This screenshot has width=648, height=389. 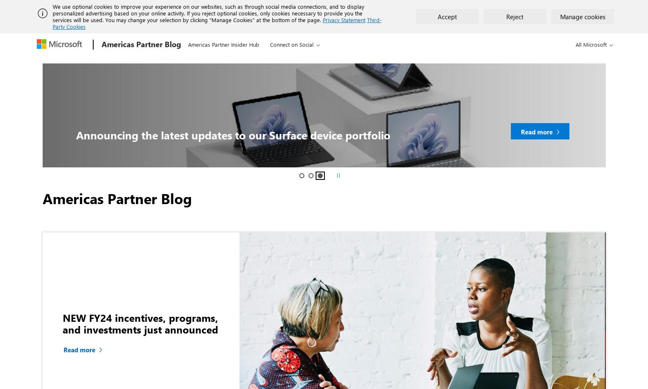 I want to click on 'Microsoft’s end of support (EOS) for Windows Server 2012 and SQL Server 2012 necessitates measures to keep legacy systems secure. Azure Arc offers a solution, acting as a bridge to extend the Azure platform. It enables users to manage, govern, and secure IT inventory anywhere, including on-premises servers. With Azure Arc, customers can purchase Extended Security Updates (ESUs) directly through the Azure portal, manage them efficiently, and even extend these services to infrastructure managed on other clouds.', so click(x=479, y=58).